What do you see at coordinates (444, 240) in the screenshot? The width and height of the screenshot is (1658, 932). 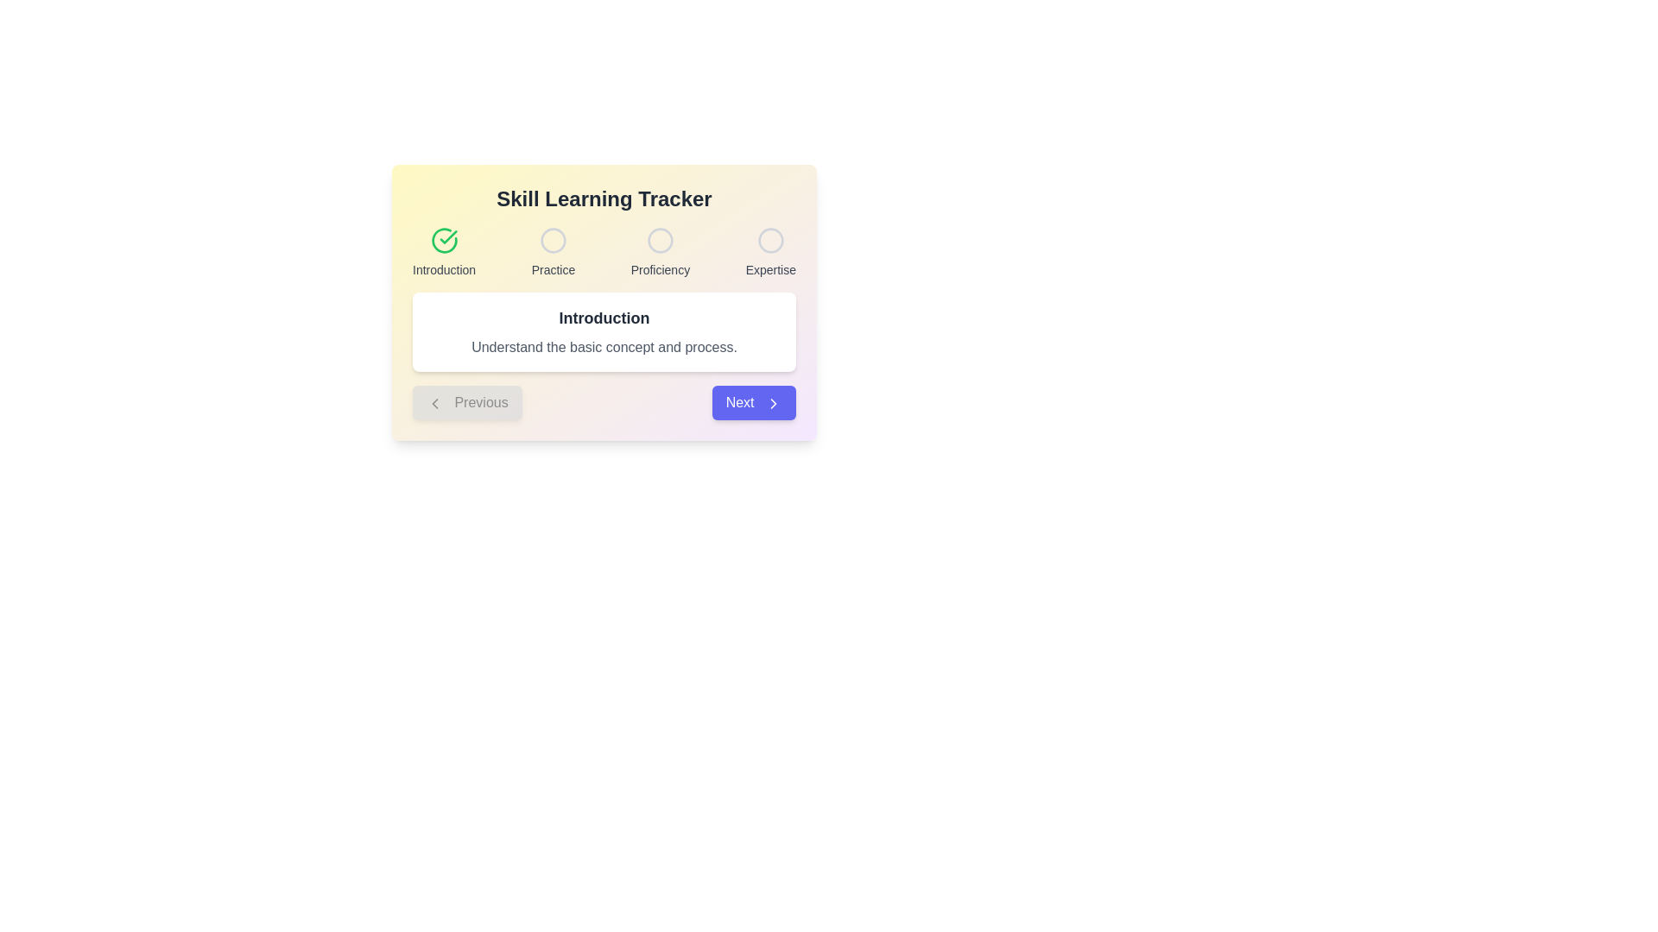 I see `the completion status icon for the 'Introduction' step in the step tracker interface, located at the top-left corner of the 'Introduction' section` at bounding box center [444, 240].